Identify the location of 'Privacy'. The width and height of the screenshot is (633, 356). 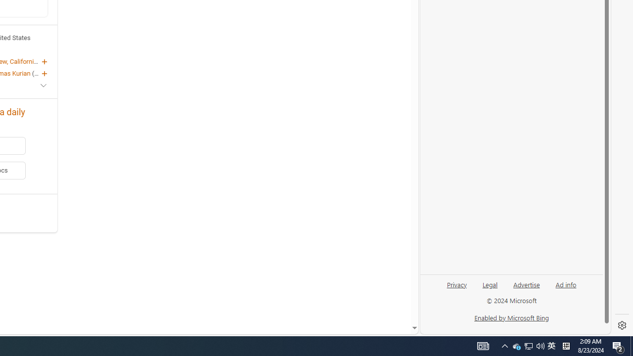
(456, 288).